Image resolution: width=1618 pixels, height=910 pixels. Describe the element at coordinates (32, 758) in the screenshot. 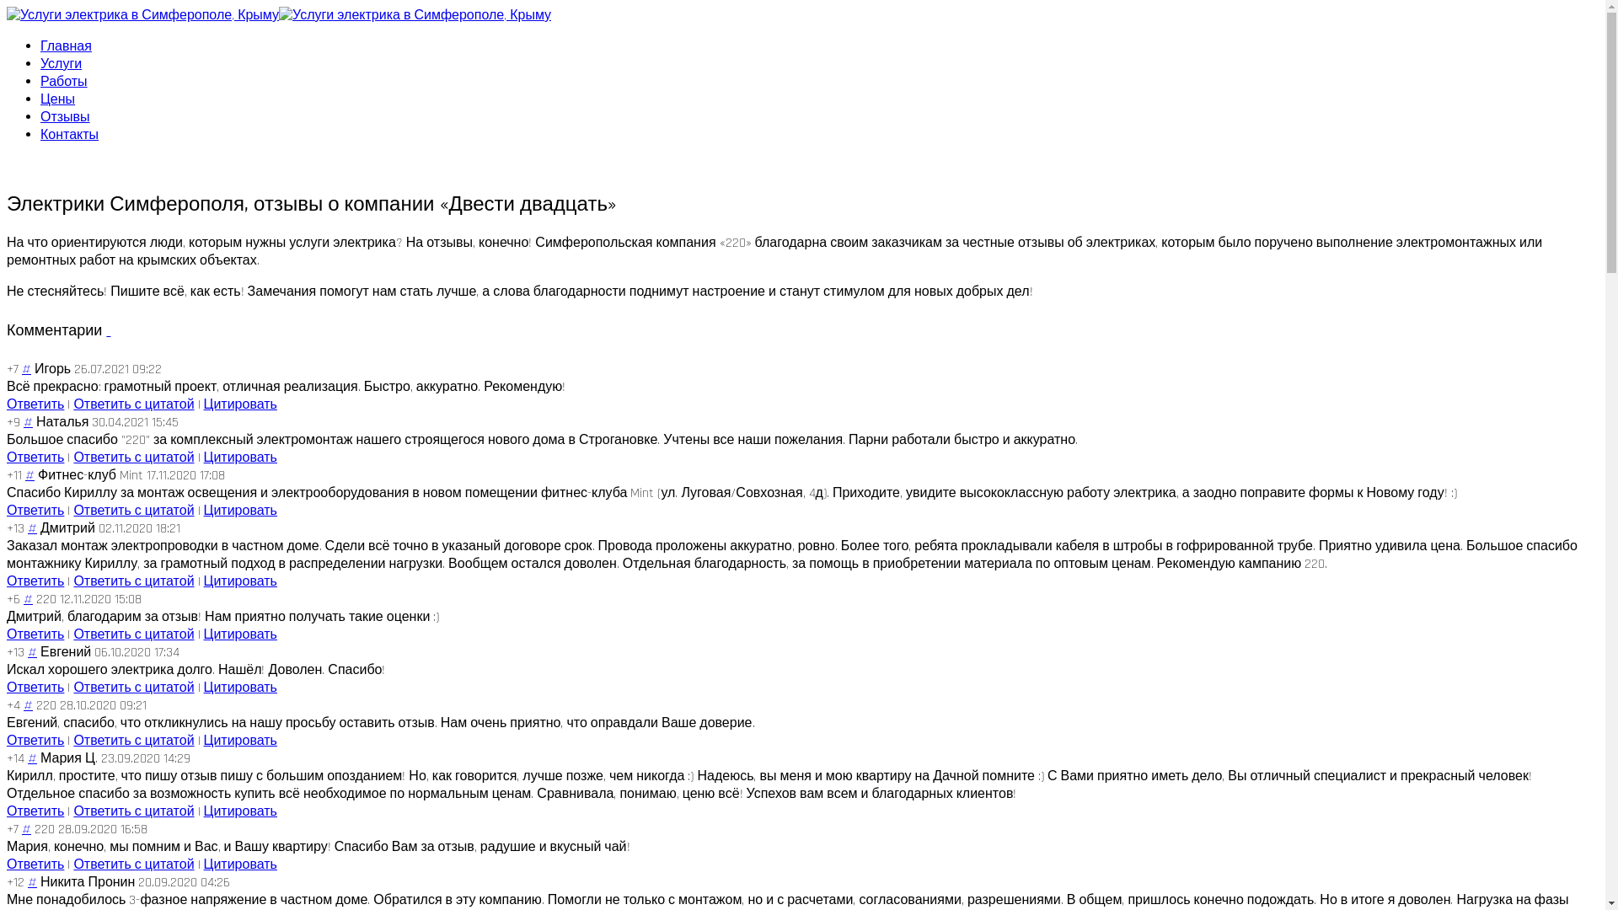

I see `'#'` at that location.